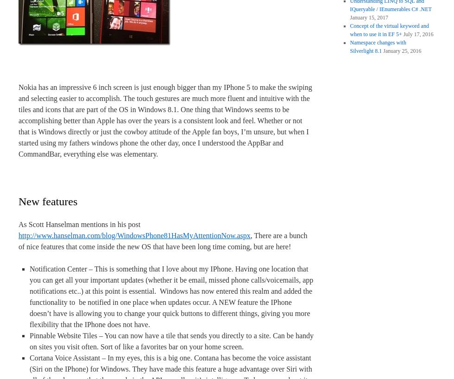 The image size is (454, 379). I want to click on 'January 15, 2017', so click(368, 17).